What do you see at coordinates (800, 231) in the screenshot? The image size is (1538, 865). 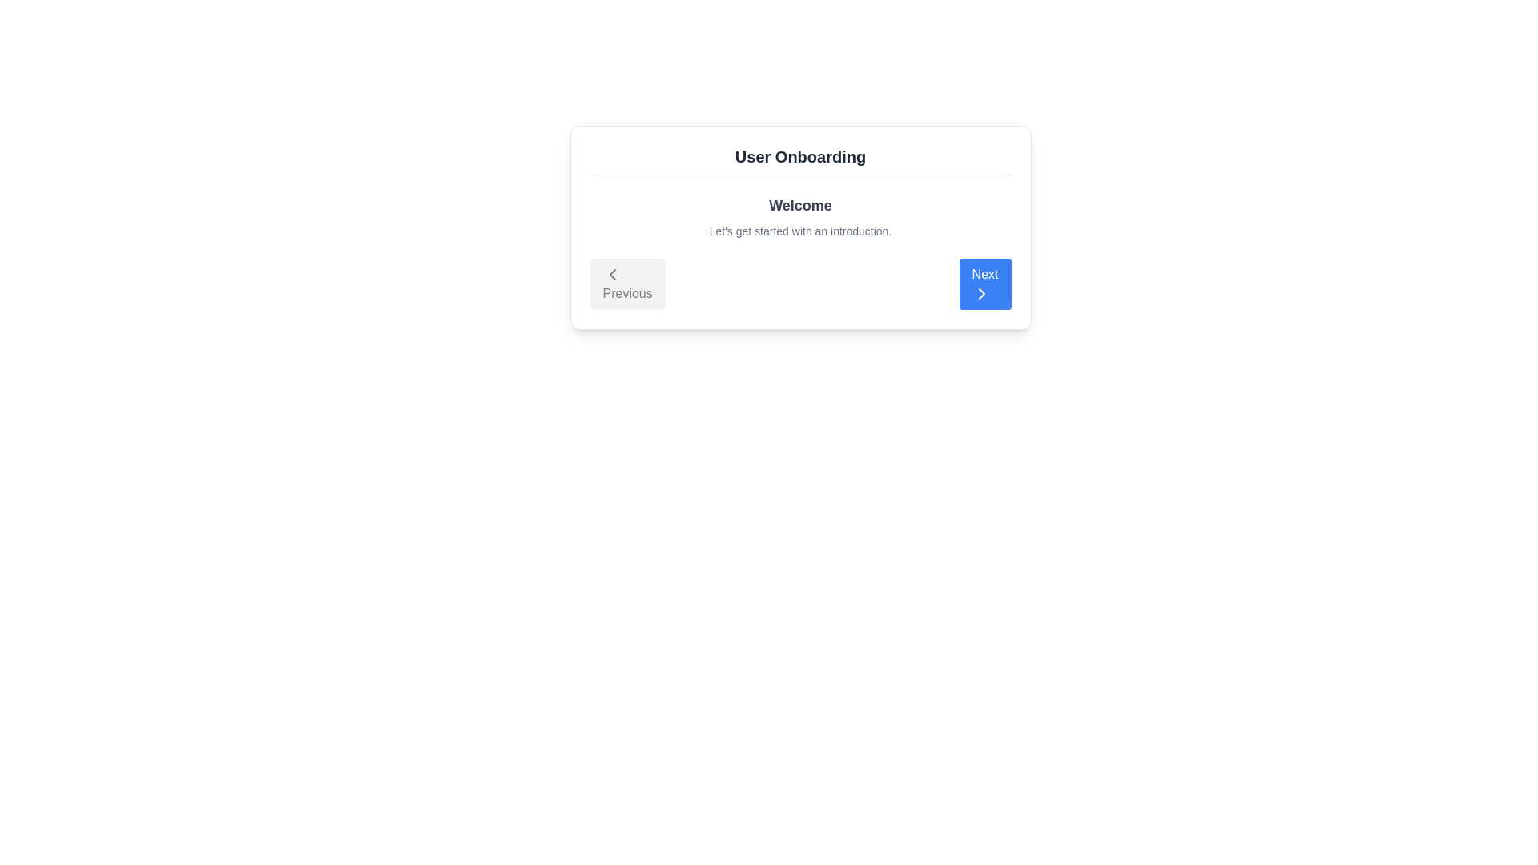 I see `the Text Display containing the message 'Let's get started with an introduction.' located beneath the heading 'Welcome' in the central content panel of the onboarding page` at bounding box center [800, 231].